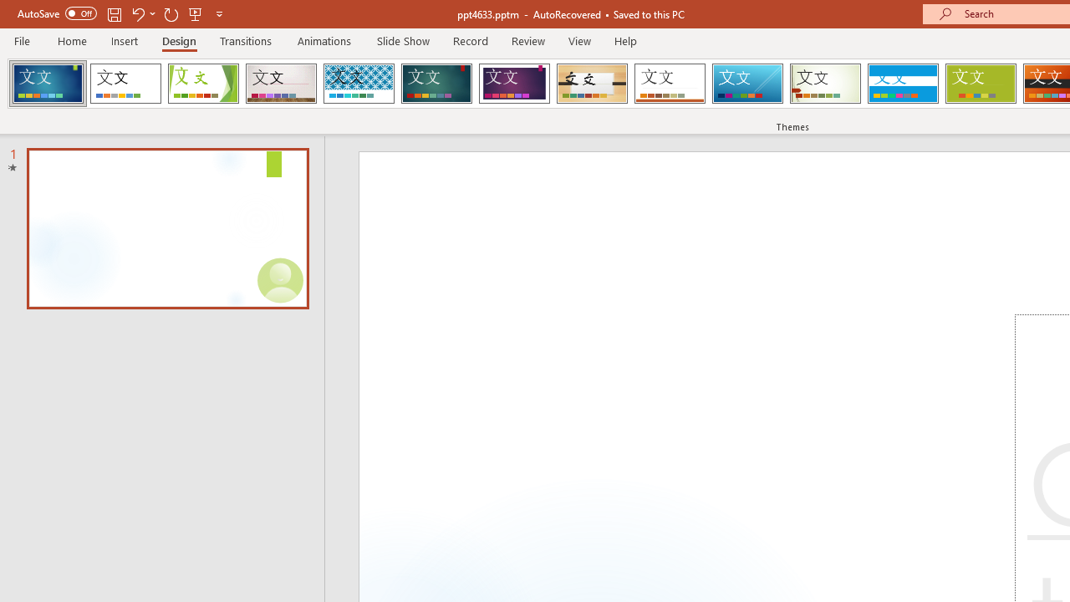 This screenshot has height=602, width=1070. Describe the element at coordinates (902, 84) in the screenshot. I see `'Banded Loading Preview...'` at that location.